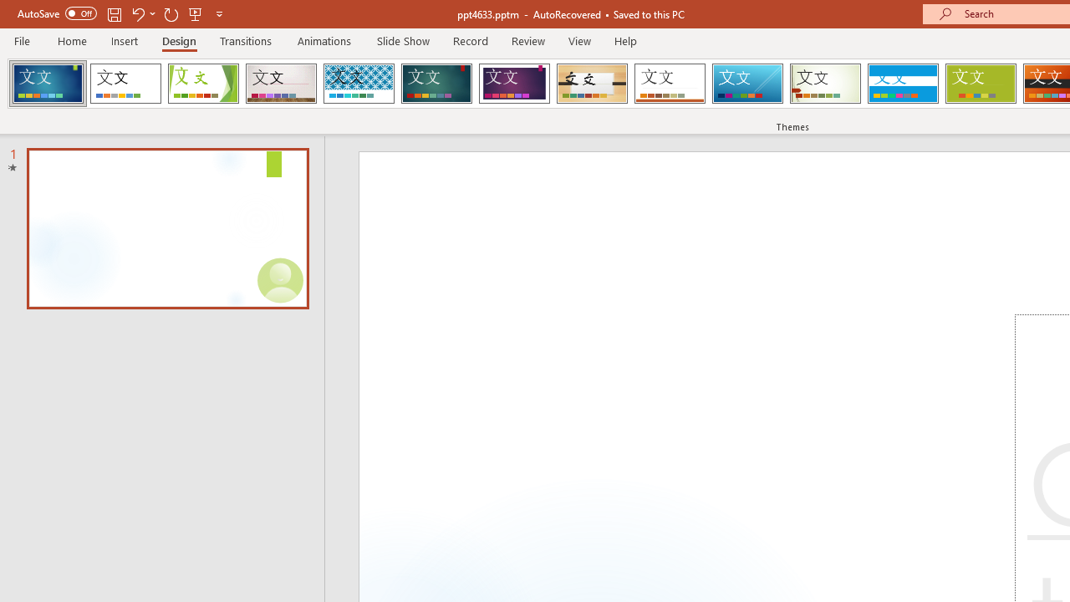 This screenshot has height=602, width=1070. Describe the element at coordinates (902, 84) in the screenshot. I see `'Banded Loading Preview...'` at that location.